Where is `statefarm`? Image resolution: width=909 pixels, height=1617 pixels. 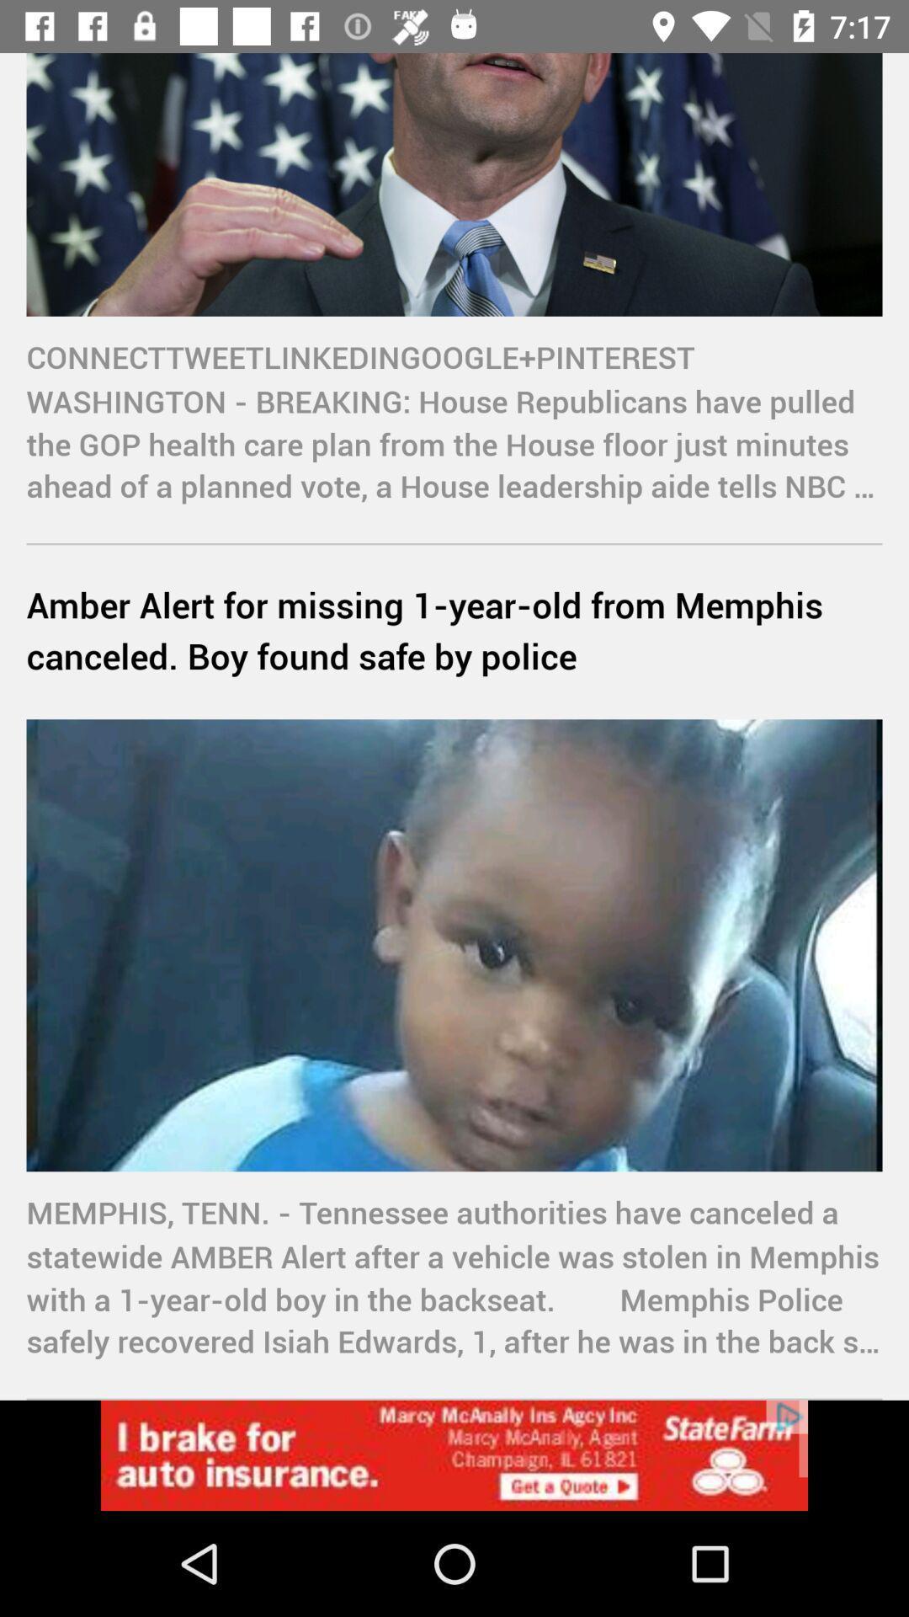
statefarm is located at coordinates (454, 1454).